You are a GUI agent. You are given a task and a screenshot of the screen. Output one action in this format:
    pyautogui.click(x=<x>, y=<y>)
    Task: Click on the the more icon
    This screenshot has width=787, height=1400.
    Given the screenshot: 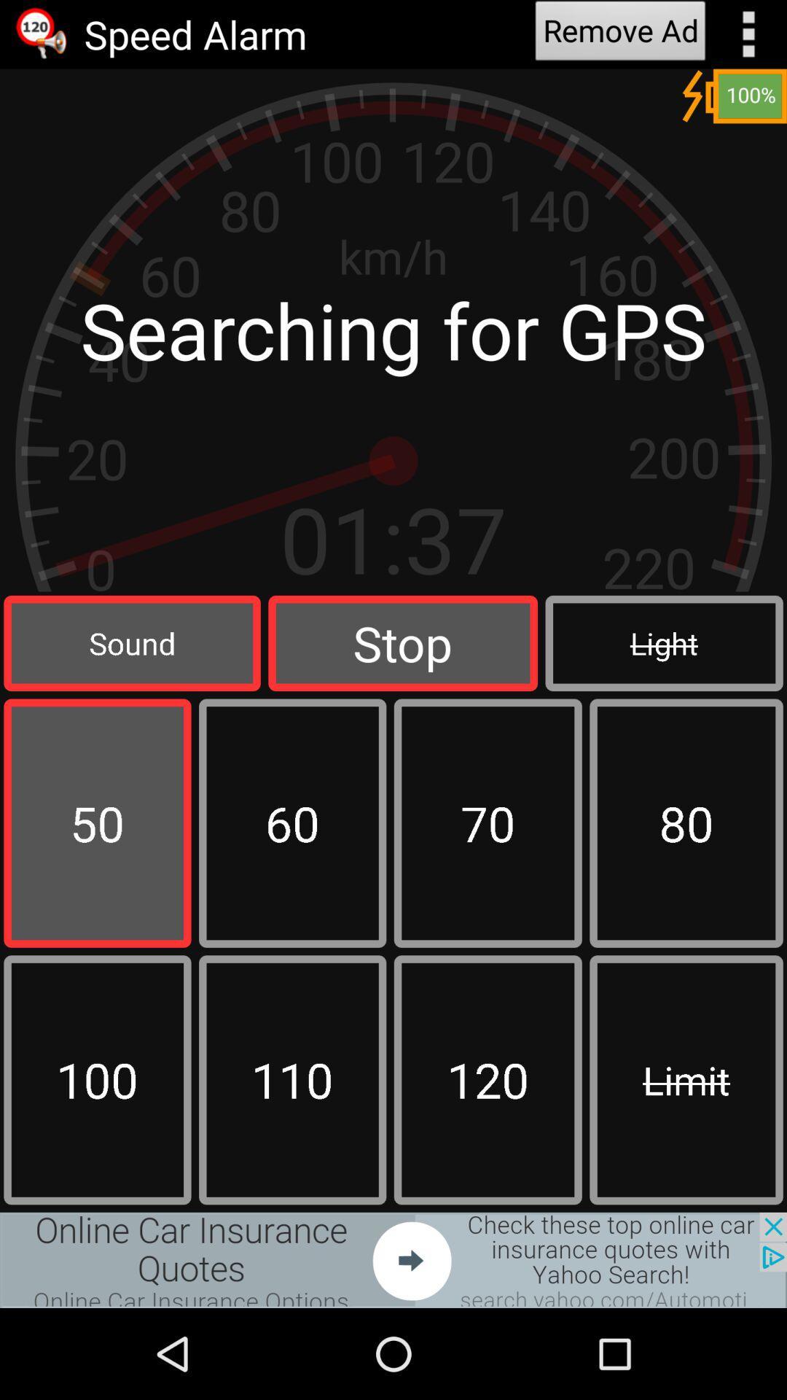 What is the action you would take?
    pyautogui.click(x=748, y=36)
    